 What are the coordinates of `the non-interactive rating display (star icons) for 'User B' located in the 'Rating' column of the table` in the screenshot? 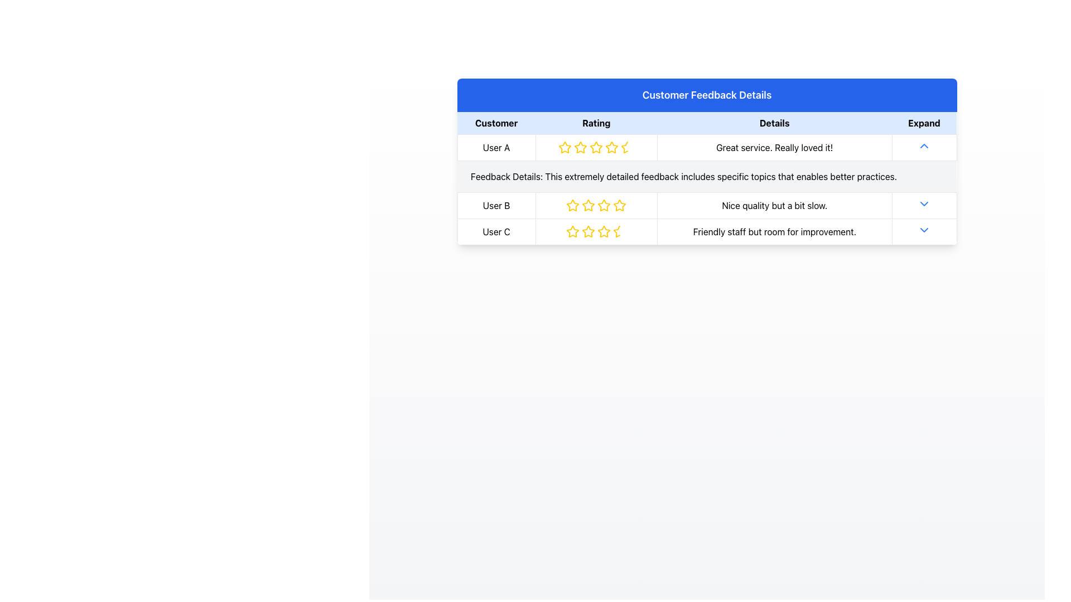 It's located at (596, 206).